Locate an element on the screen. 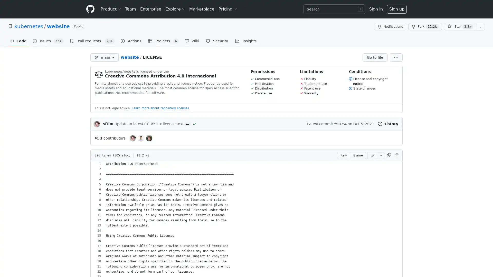  ... is located at coordinates (187, 124).